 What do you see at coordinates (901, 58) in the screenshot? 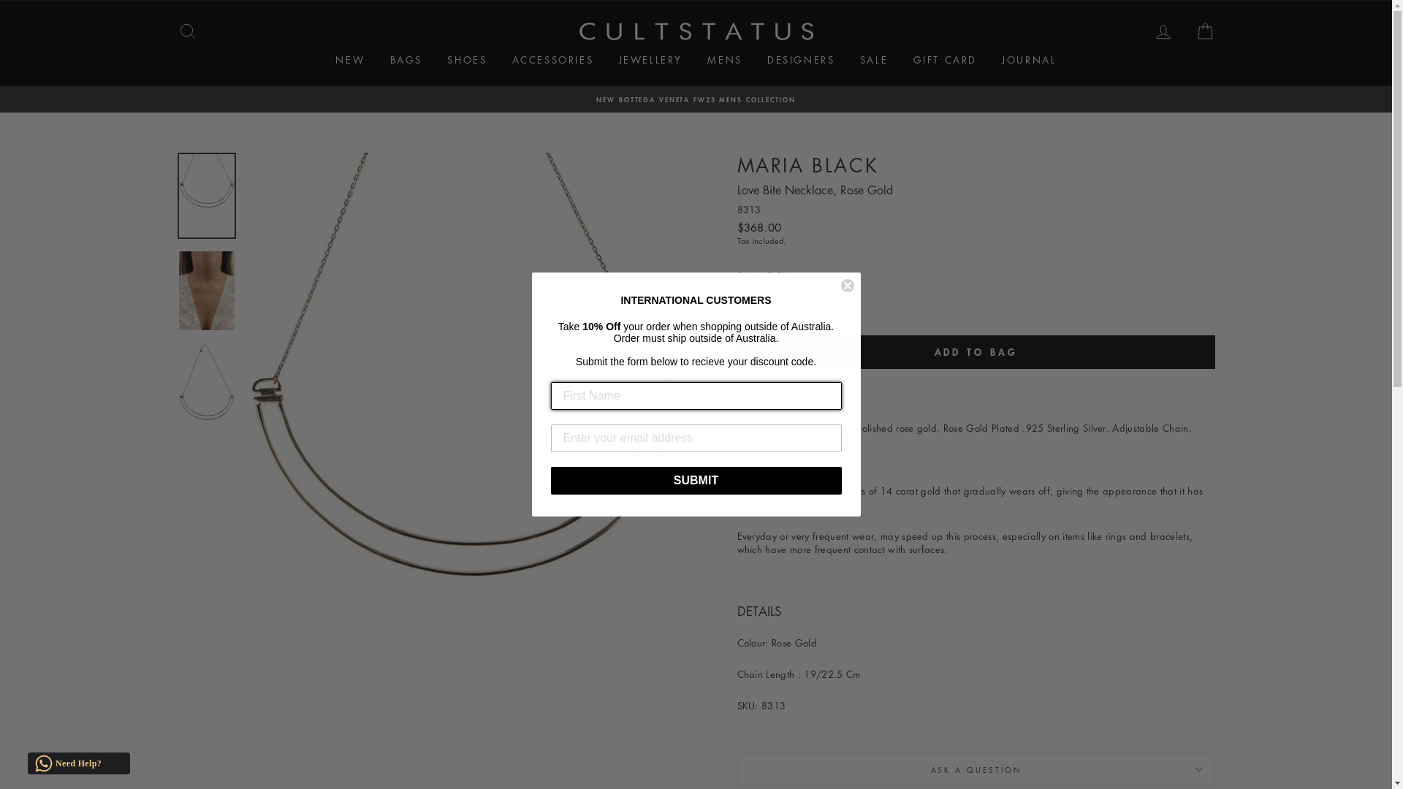
I see `'GIFT CARD'` at bounding box center [901, 58].